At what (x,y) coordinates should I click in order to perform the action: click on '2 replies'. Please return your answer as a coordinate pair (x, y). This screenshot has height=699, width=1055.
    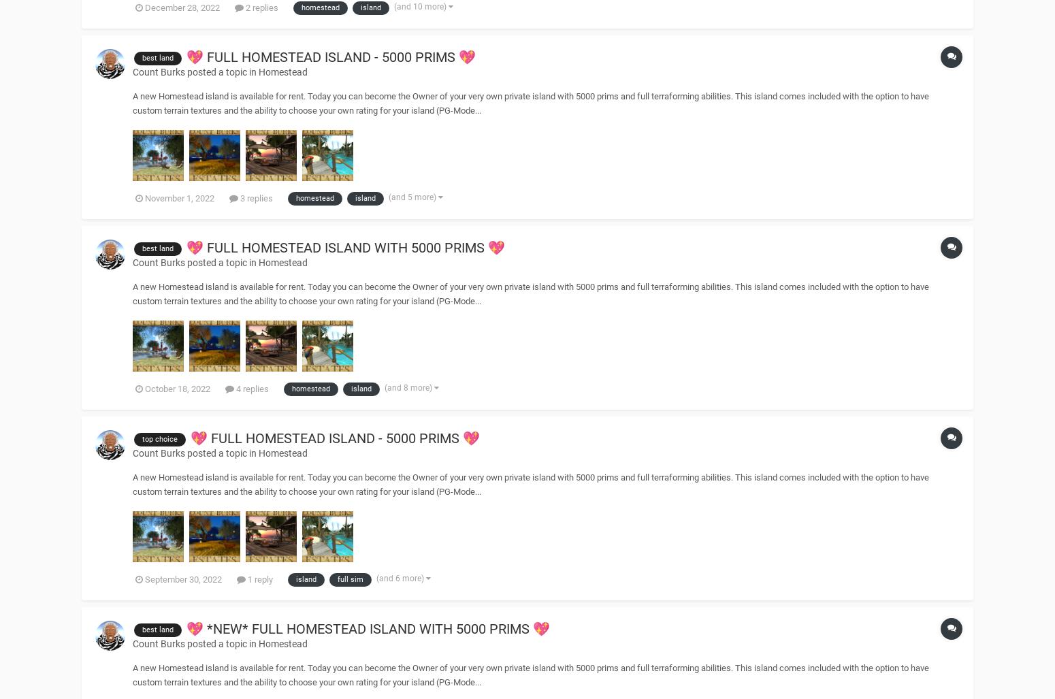
    Looking at the image, I should click on (243, 7).